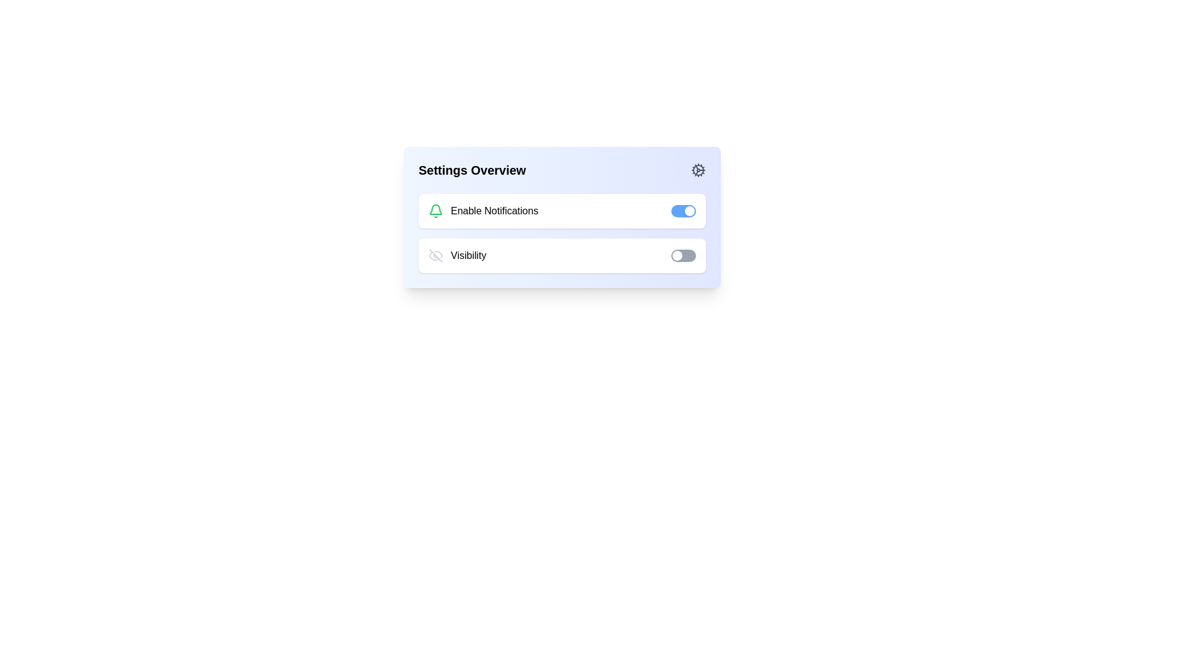 Image resolution: width=1189 pixels, height=669 pixels. What do you see at coordinates (436, 210) in the screenshot?
I see `the green stylized bell icon that indicates notification alerts, located to the left of the 'Enable Notifications' label in the notification settings section` at bounding box center [436, 210].